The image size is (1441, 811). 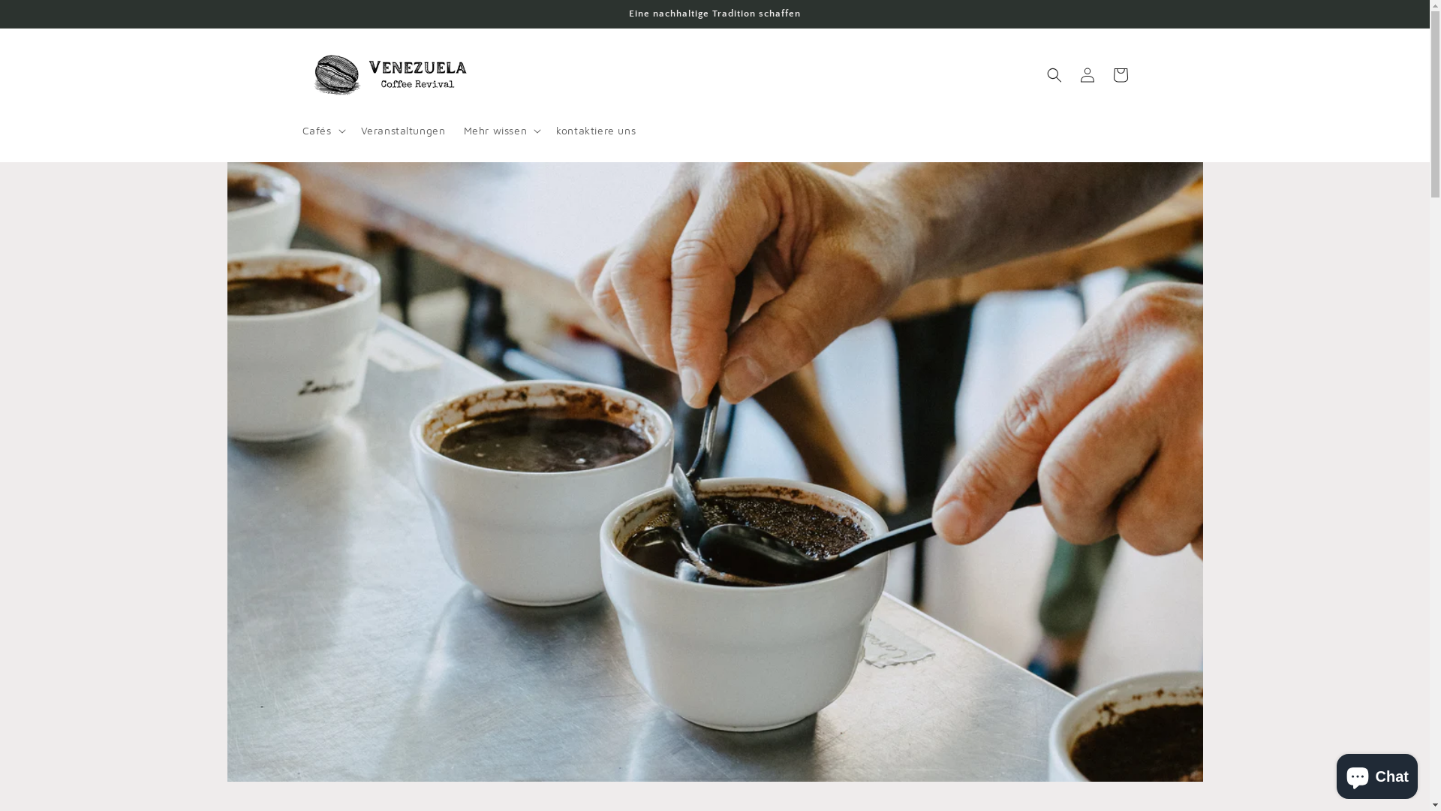 I want to click on 'Einloggen', so click(x=1087, y=75).